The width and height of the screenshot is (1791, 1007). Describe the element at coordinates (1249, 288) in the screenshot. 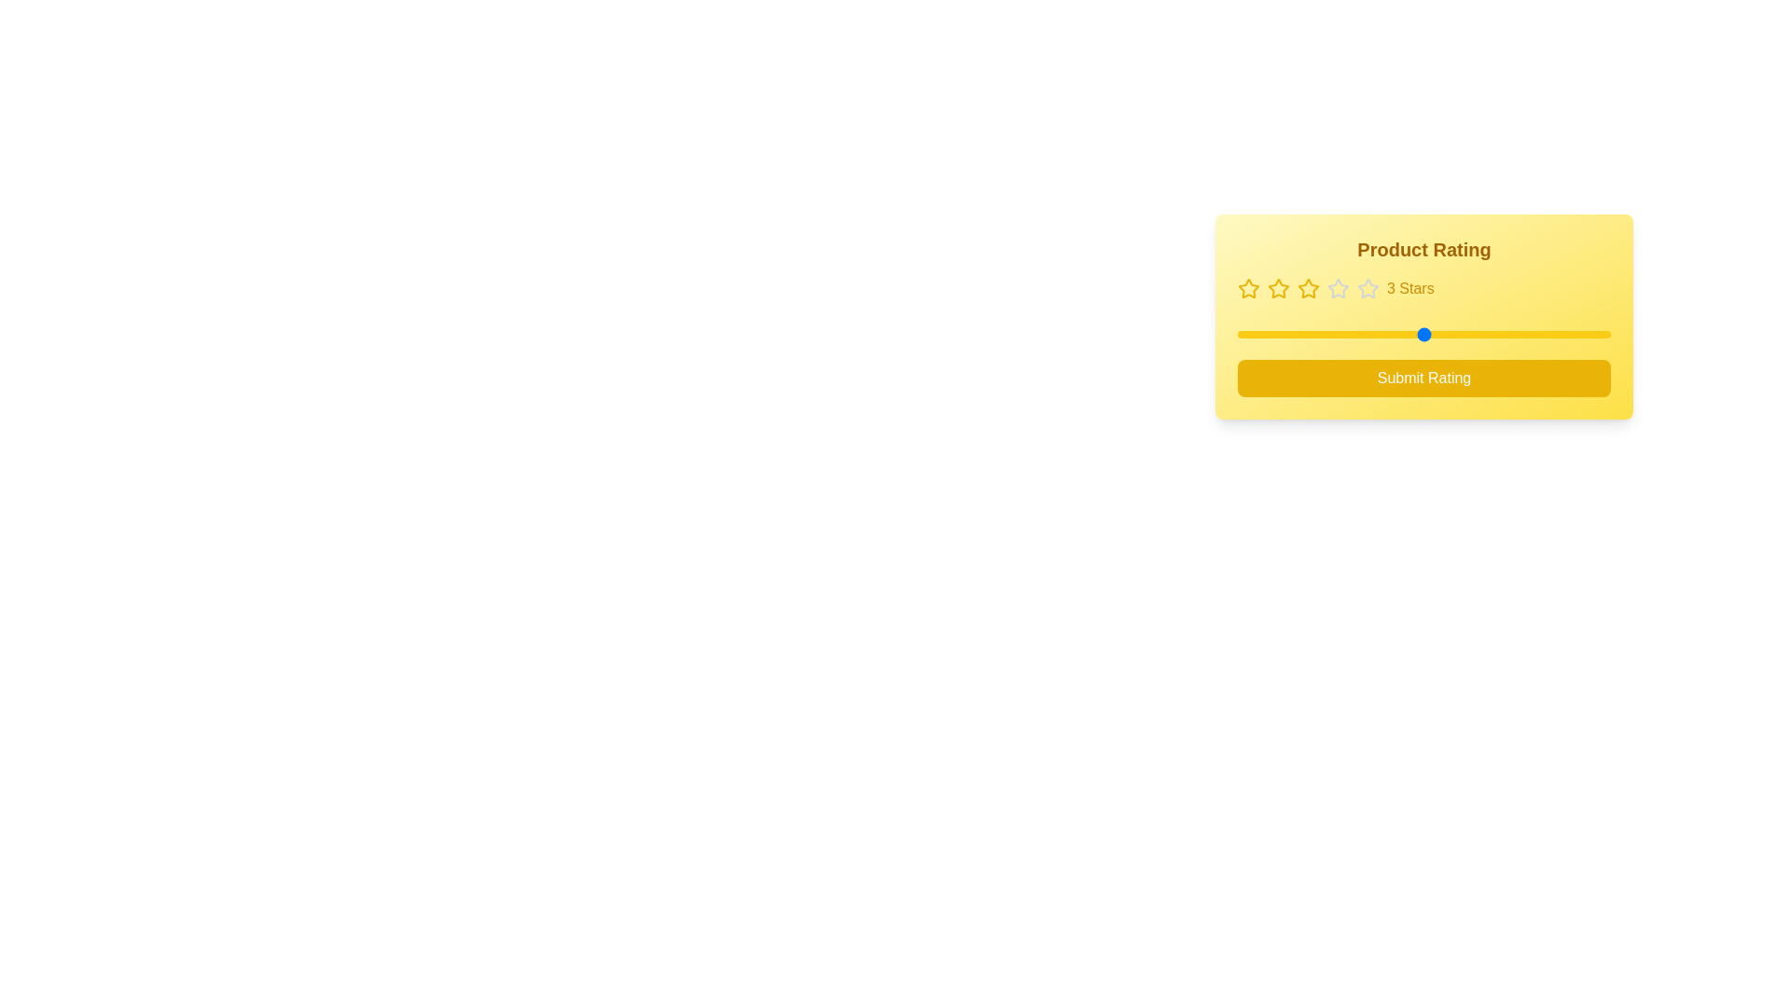

I see `the first star icon in the rating system under the text '3 Stars'` at that location.